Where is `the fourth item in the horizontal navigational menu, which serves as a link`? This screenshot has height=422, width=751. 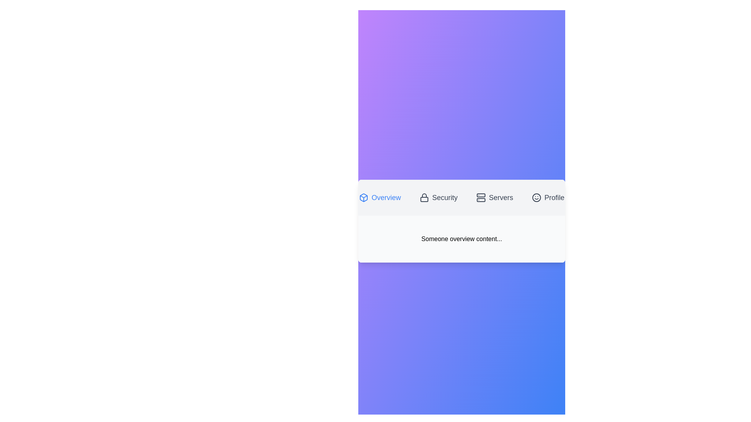 the fourth item in the horizontal navigational menu, which serves as a link is located at coordinates (554, 197).